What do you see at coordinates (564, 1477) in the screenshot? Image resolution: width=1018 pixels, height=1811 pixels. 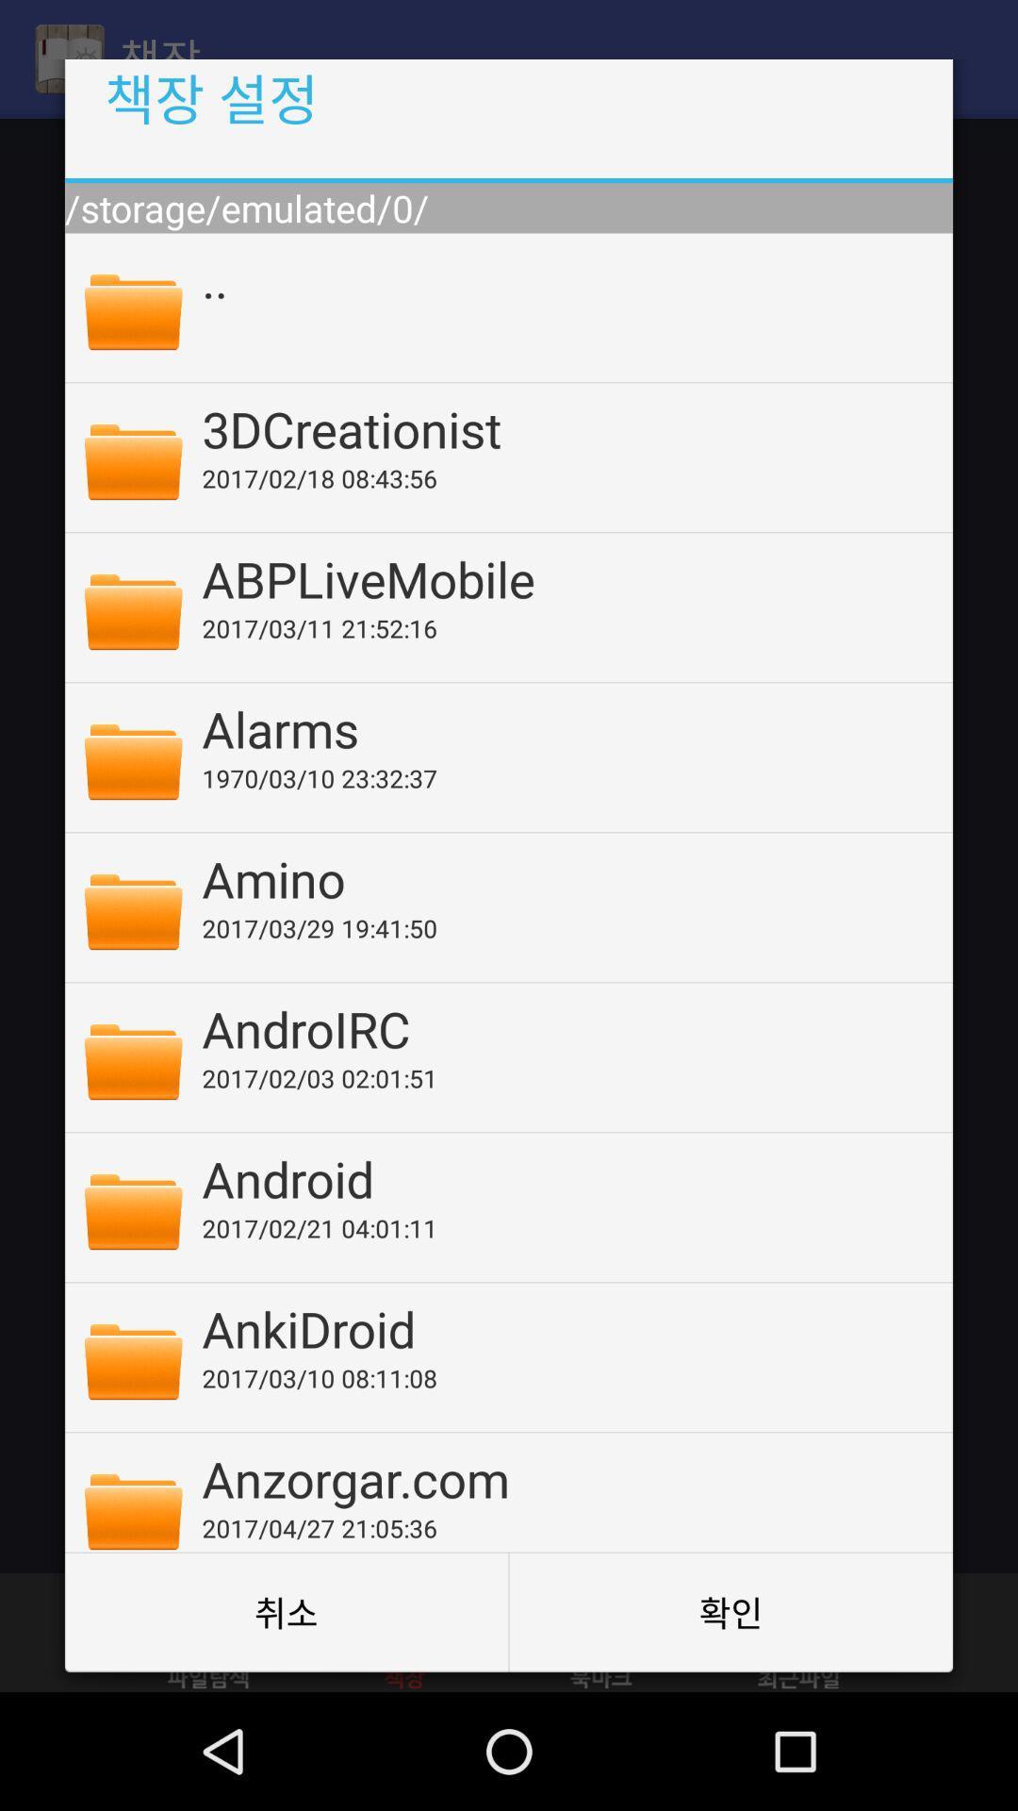 I see `anzorgar.com item` at bounding box center [564, 1477].